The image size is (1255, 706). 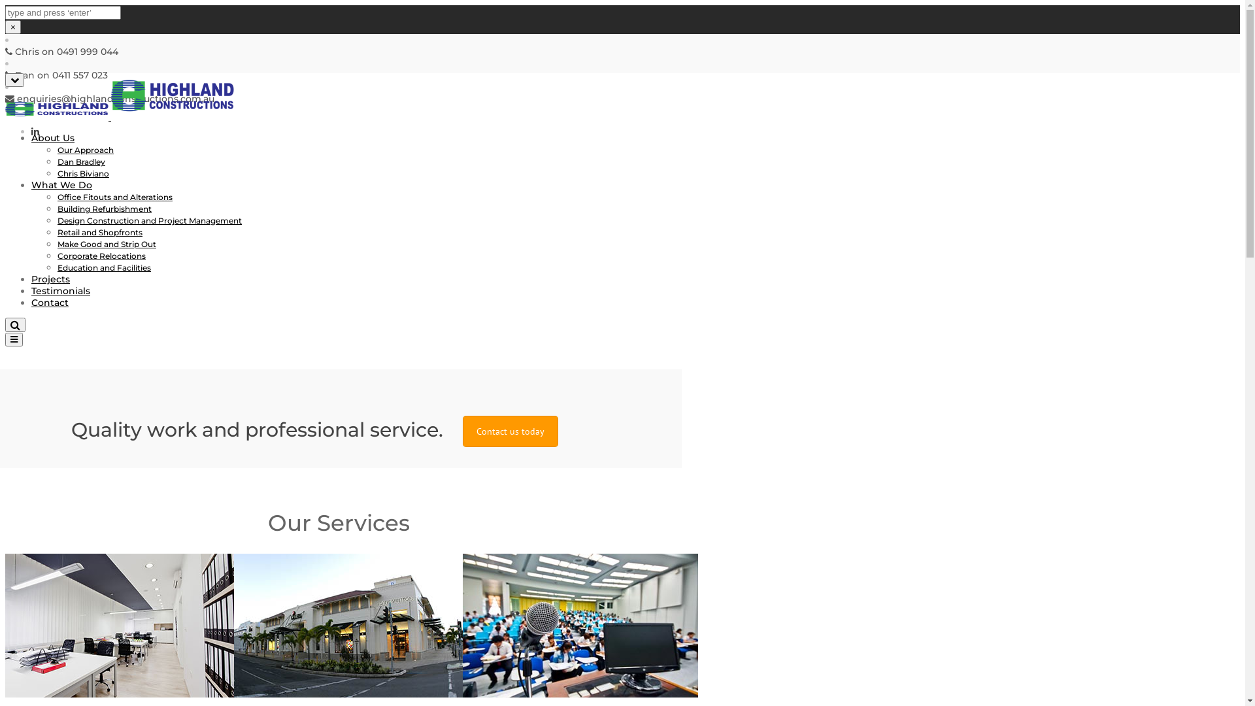 What do you see at coordinates (99, 231) in the screenshot?
I see `'Retail and Shopfronts'` at bounding box center [99, 231].